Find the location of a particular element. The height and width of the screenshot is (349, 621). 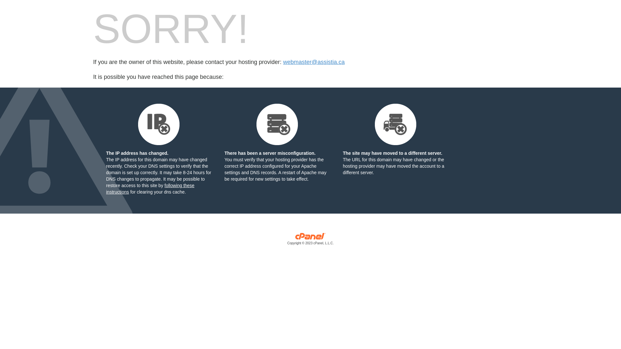

'following these instructions' is located at coordinates (150, 188).